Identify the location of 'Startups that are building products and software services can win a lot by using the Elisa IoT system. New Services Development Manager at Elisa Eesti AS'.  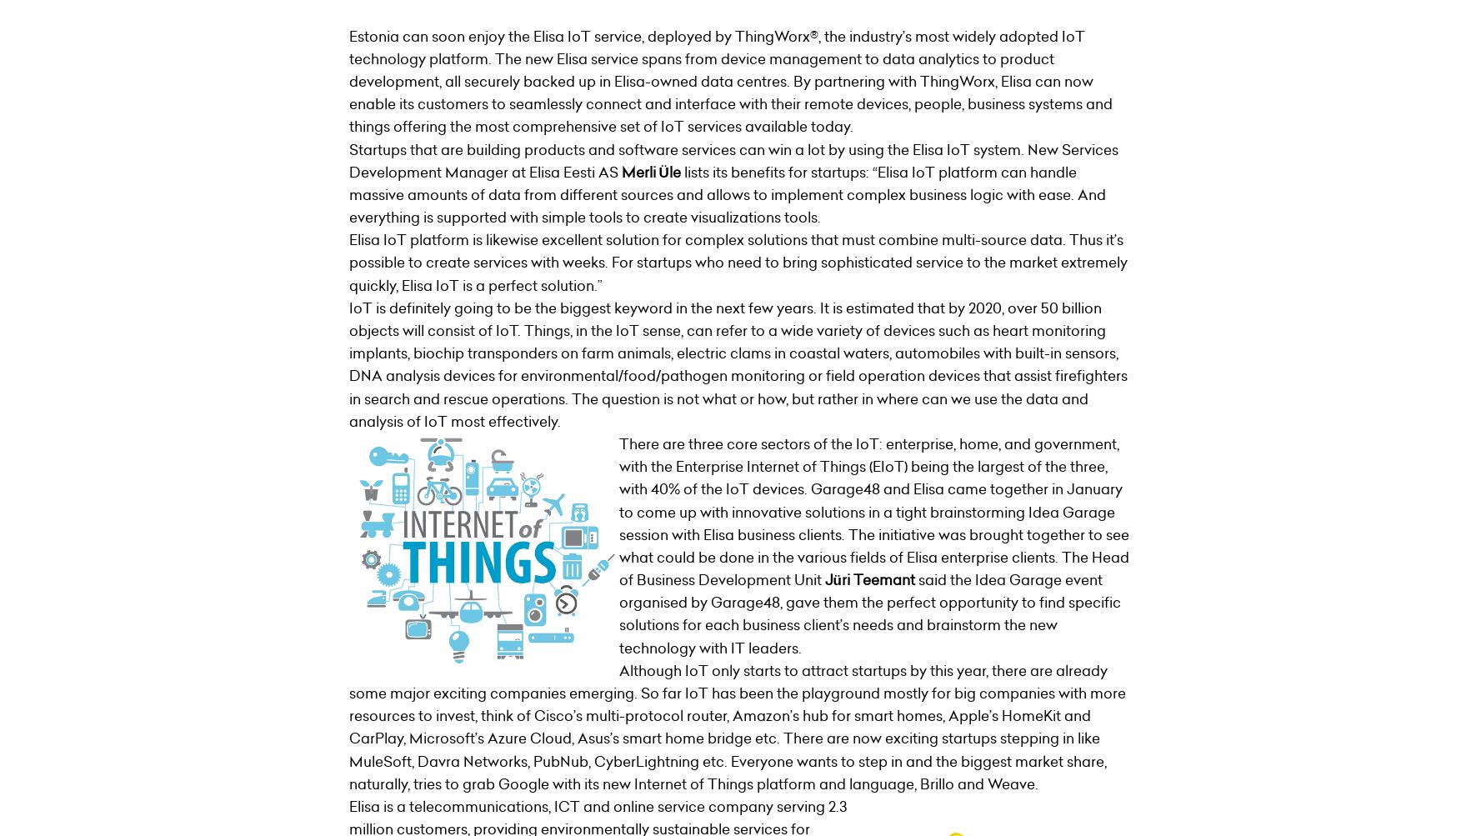
(732, 159).